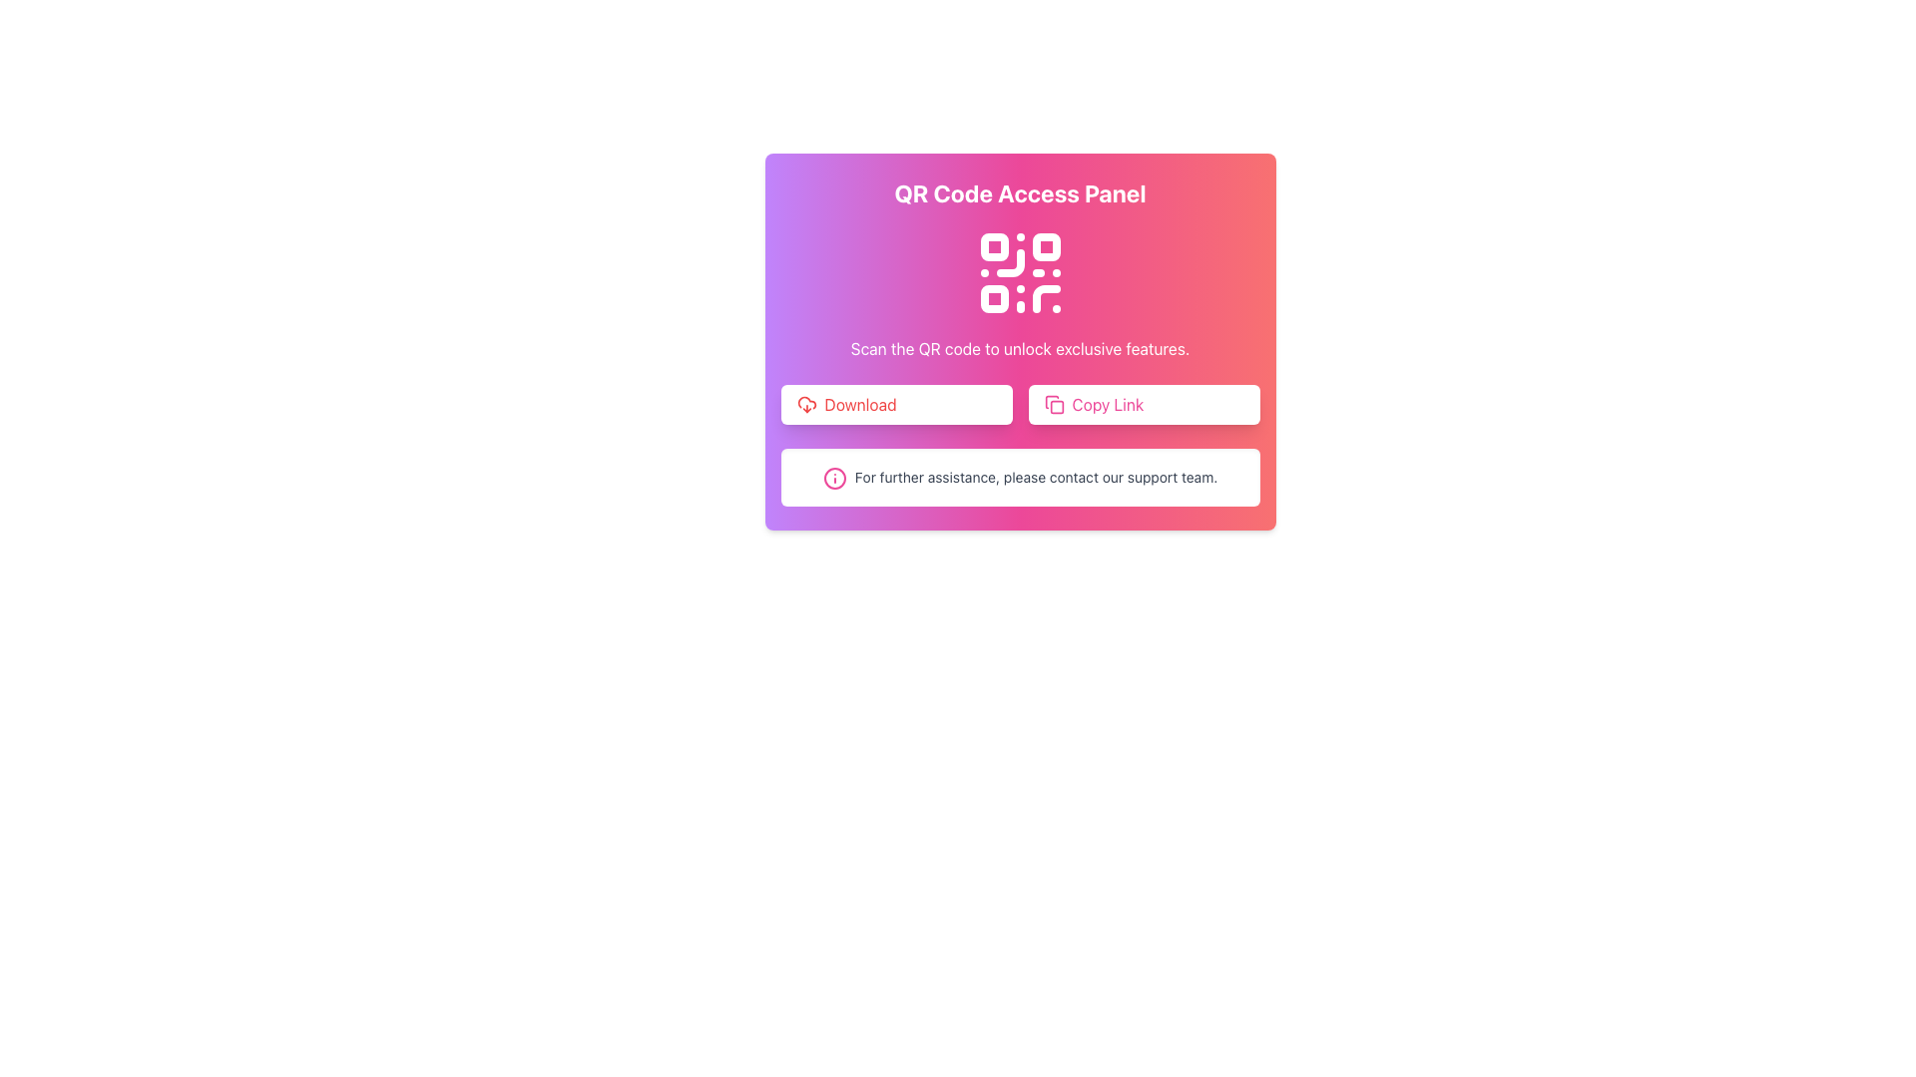 This screenshot has height=1077, width=1916. I want to click on the 'Copy Link' button, which is the right button in a pair of interactive buttons grouped together for copying a link to the clipboard, so click(1020, 404).